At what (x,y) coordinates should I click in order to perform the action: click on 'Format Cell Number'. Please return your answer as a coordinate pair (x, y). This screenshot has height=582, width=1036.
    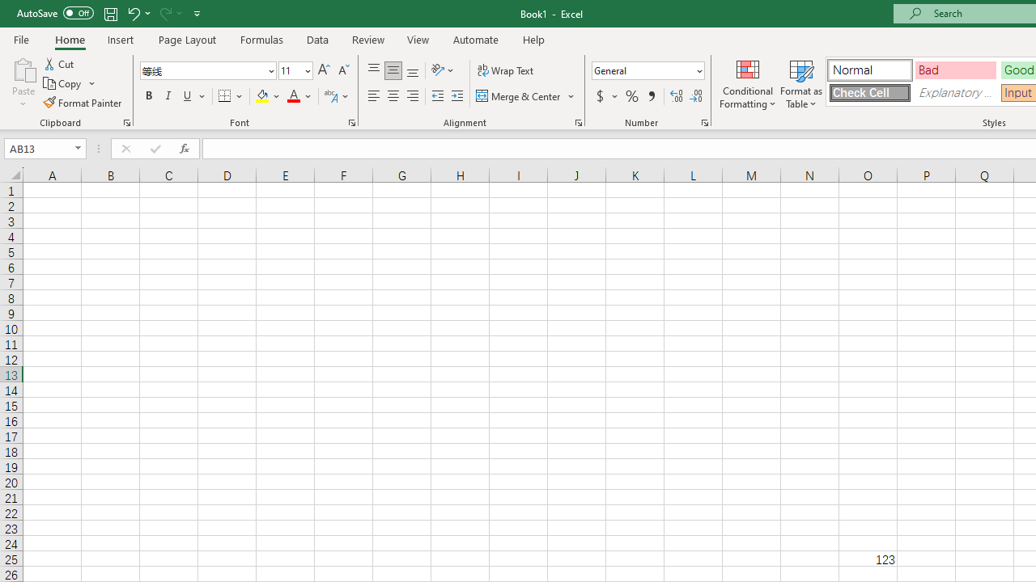
    Looking at the image, I should click on (705, 121).